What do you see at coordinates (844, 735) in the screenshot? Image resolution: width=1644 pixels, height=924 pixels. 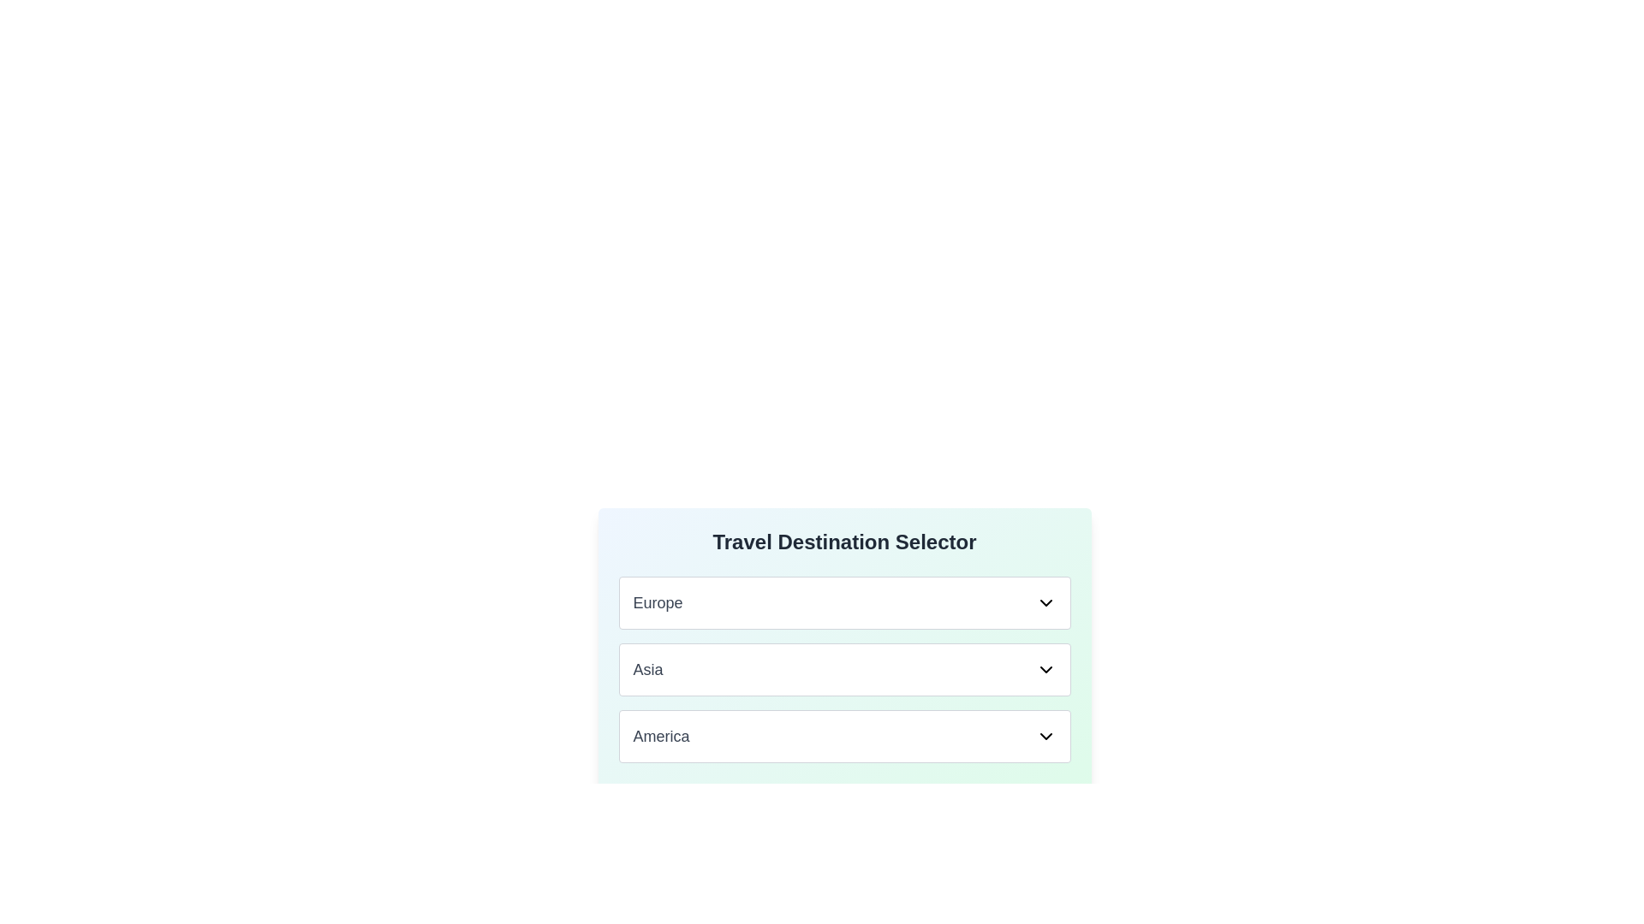 I see `the dropdown arrow of the 'Travel Destination Selector'` at bounding box center [844, 735].